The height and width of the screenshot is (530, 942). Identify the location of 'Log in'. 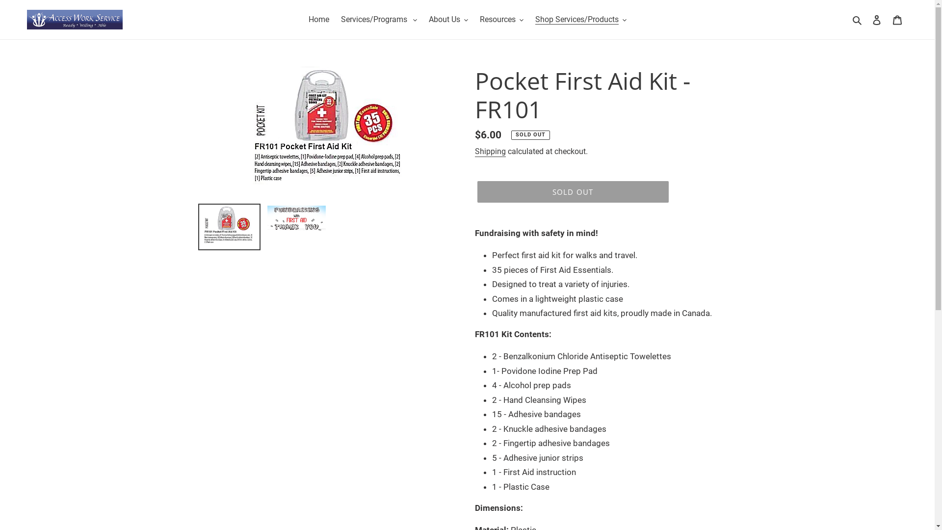
(876, 19).